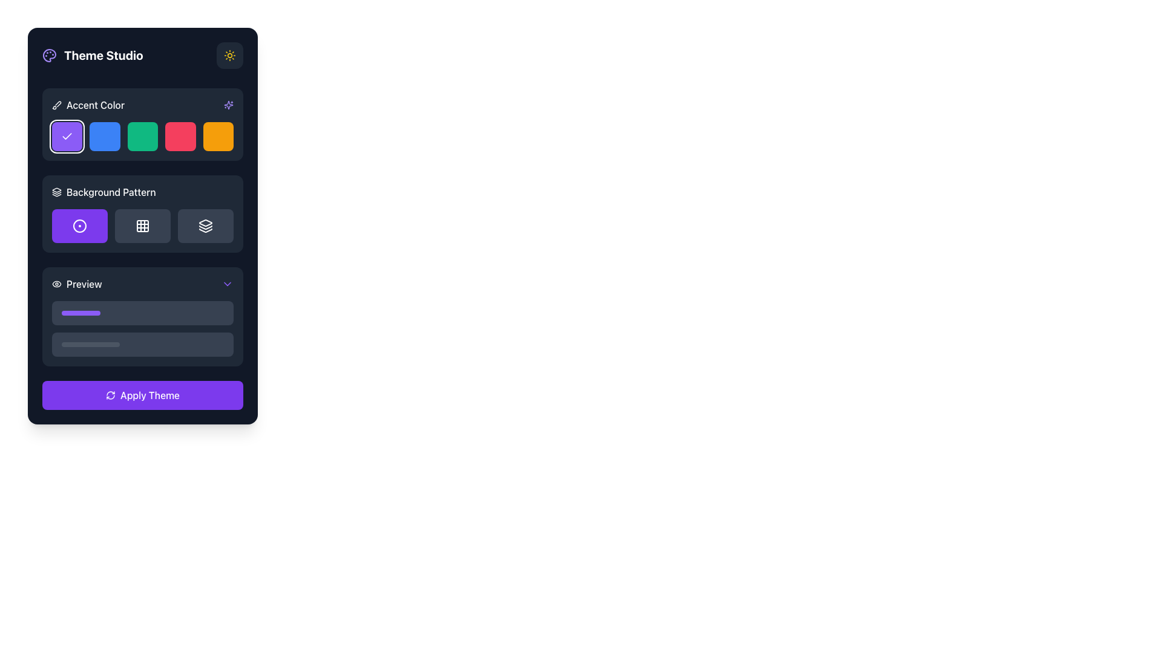 This screenshot has height=653, width=1162. What do you see at coordinates (142, 226) in the screenshot?
I see `the second icon button in the 'Background Pattern' options section` at bounding box center [142, 226].